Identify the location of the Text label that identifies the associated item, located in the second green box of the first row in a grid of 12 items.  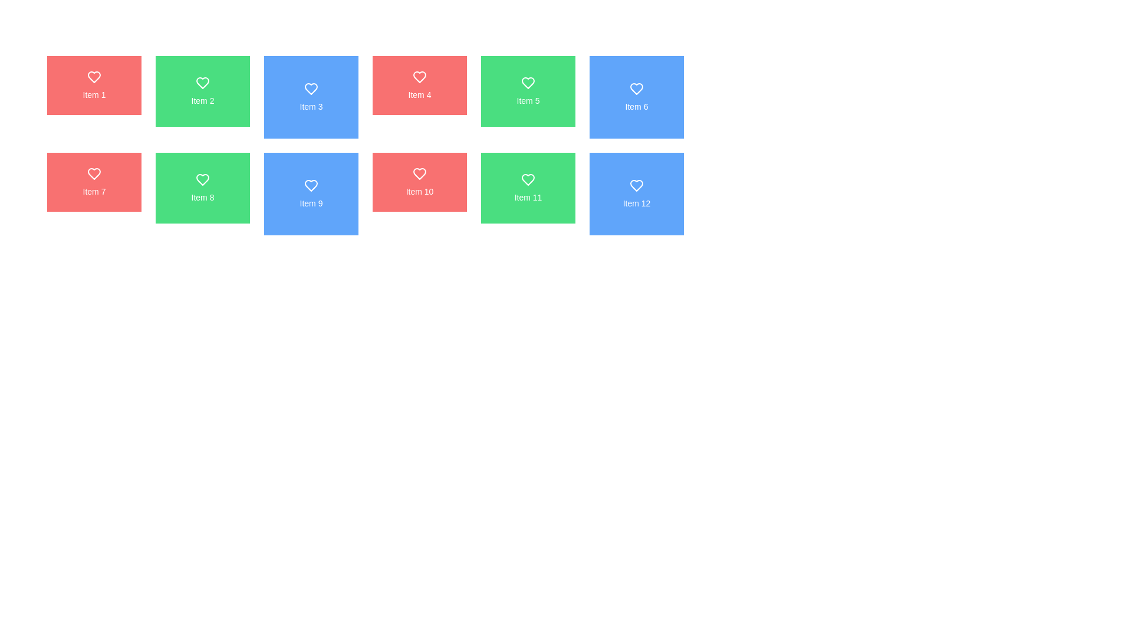
(203, 100).